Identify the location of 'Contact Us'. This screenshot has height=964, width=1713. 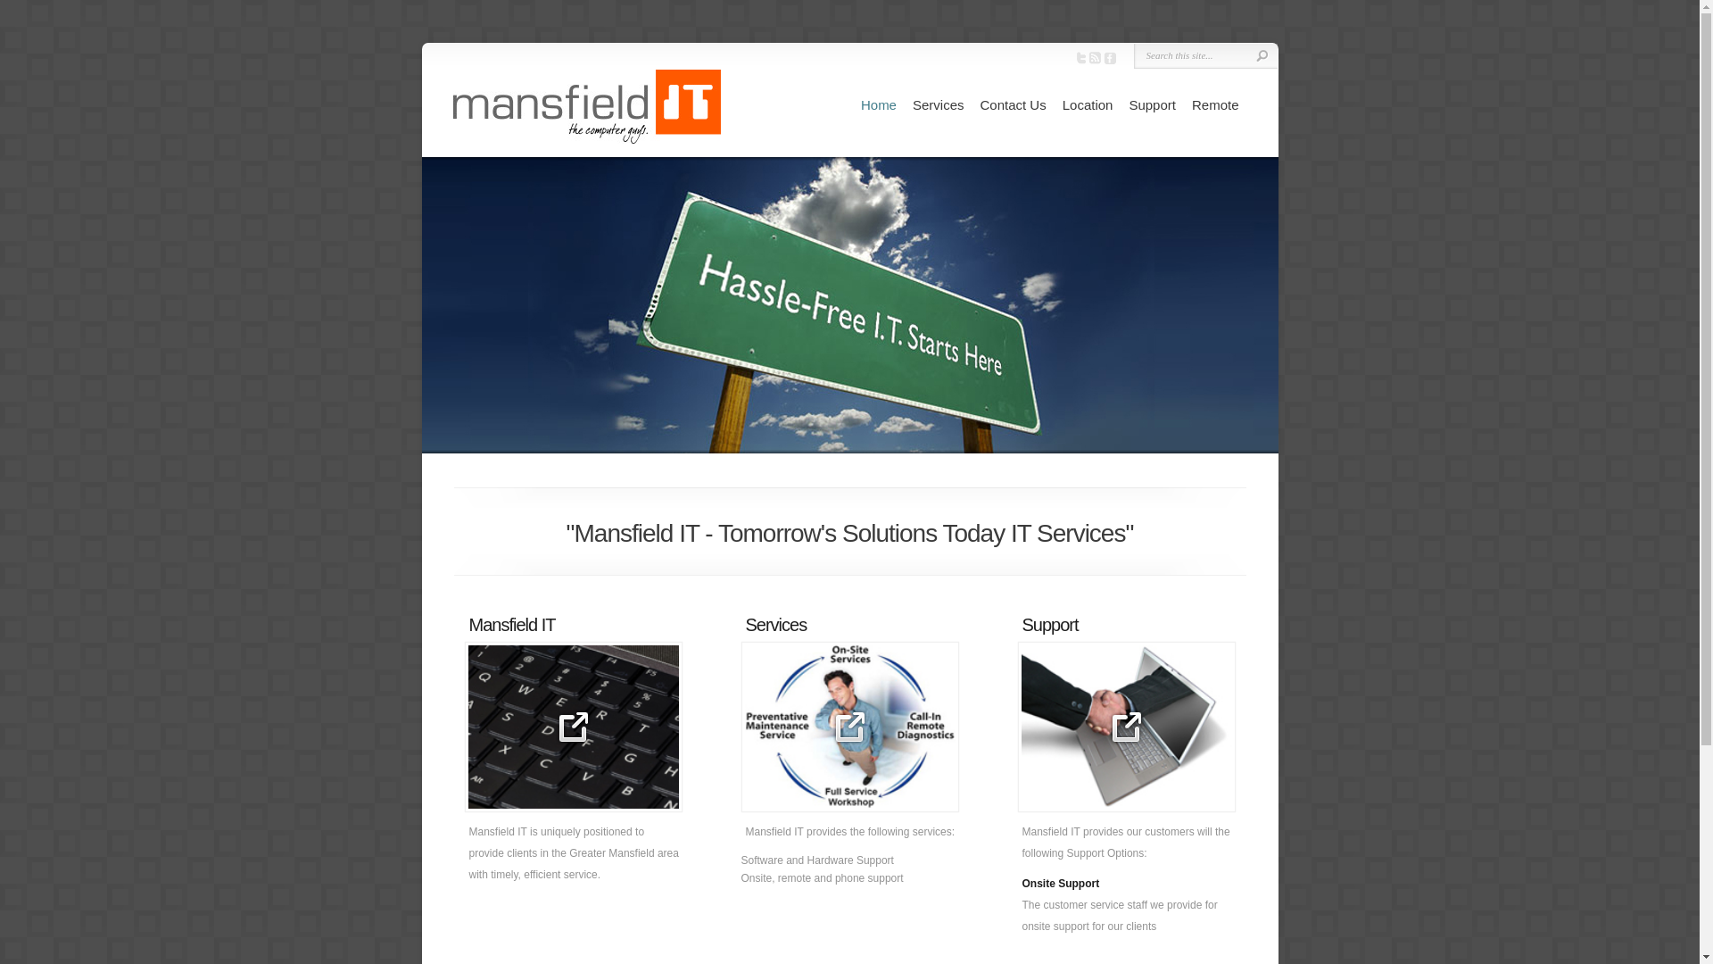
(1012, 105).